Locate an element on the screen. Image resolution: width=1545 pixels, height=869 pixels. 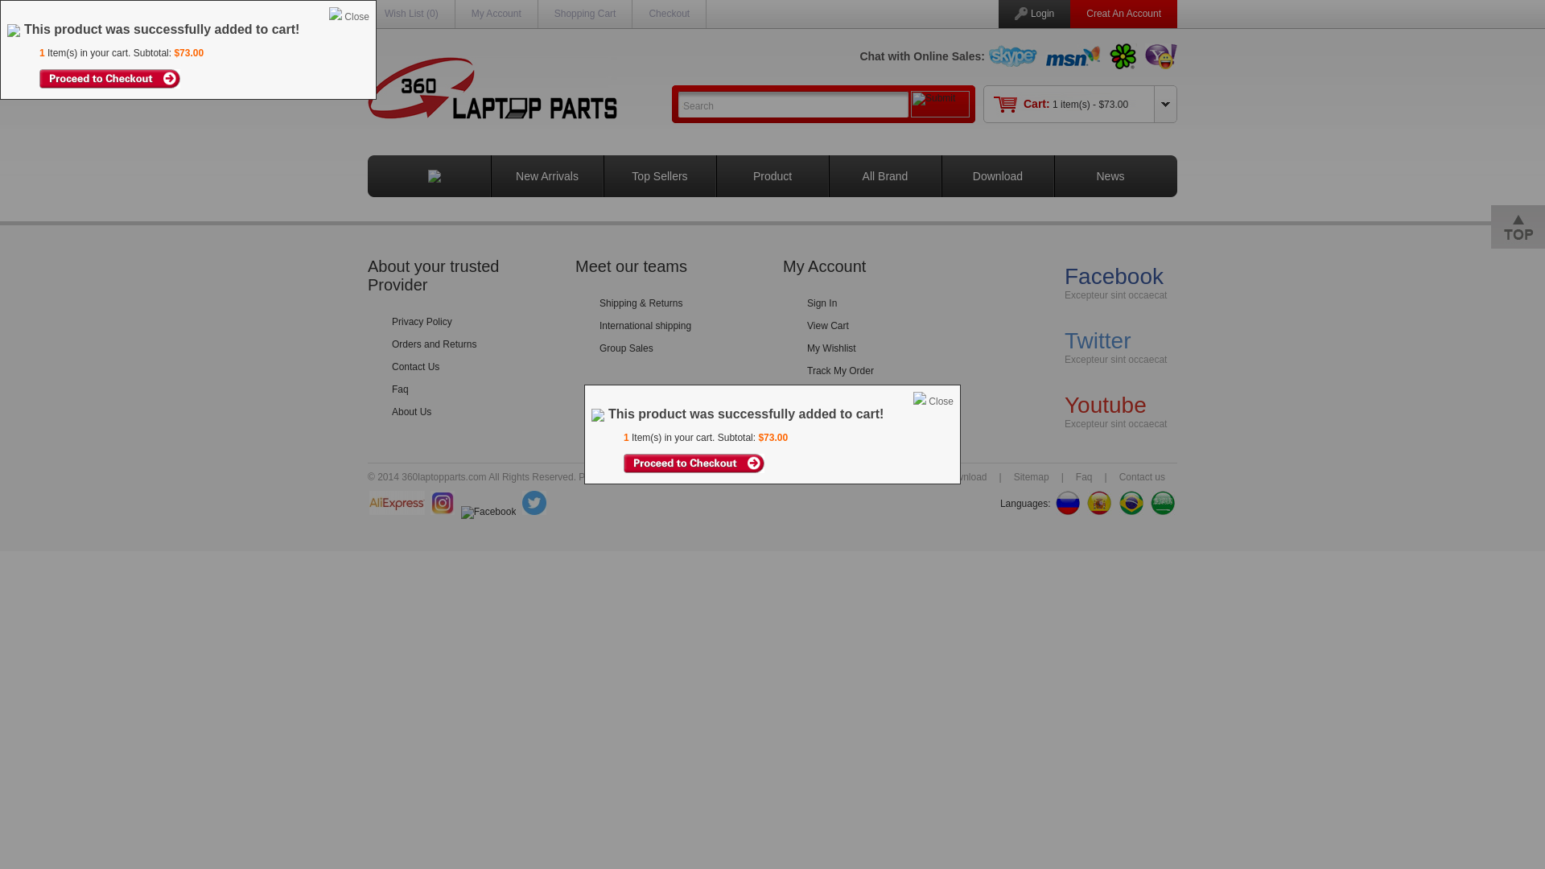
'Search' is located at coordinates (677, 104).